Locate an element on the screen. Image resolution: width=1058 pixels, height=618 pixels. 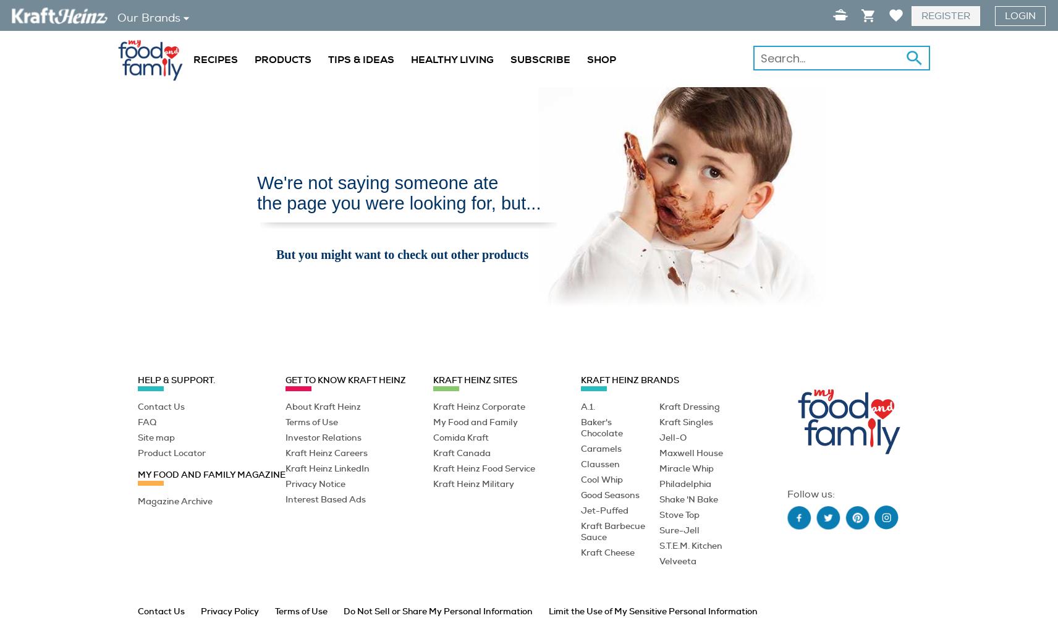
'We're not saying someone ate' is located at coordinates (377, 183).